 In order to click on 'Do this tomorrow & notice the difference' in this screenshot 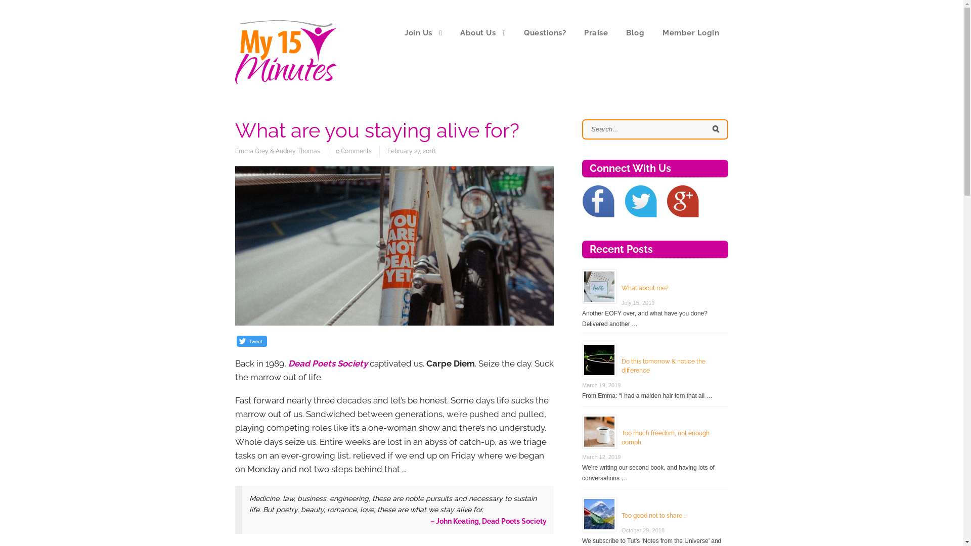, I will do `click(621, 366)`.